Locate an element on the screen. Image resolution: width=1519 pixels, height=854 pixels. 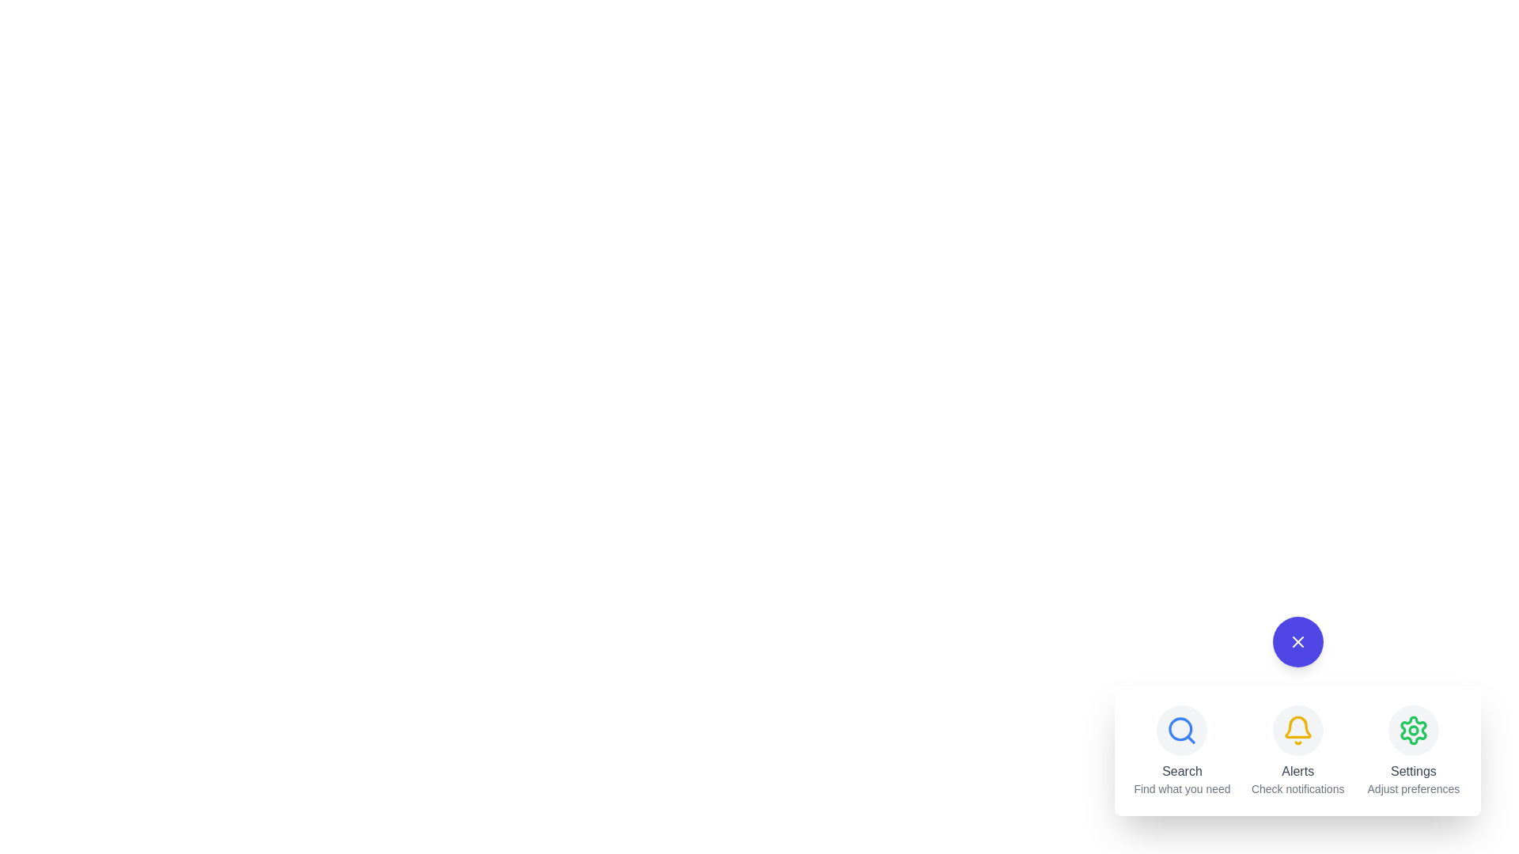
the Settings icon to observe its hover effect is located at coordinates (1413, 731).